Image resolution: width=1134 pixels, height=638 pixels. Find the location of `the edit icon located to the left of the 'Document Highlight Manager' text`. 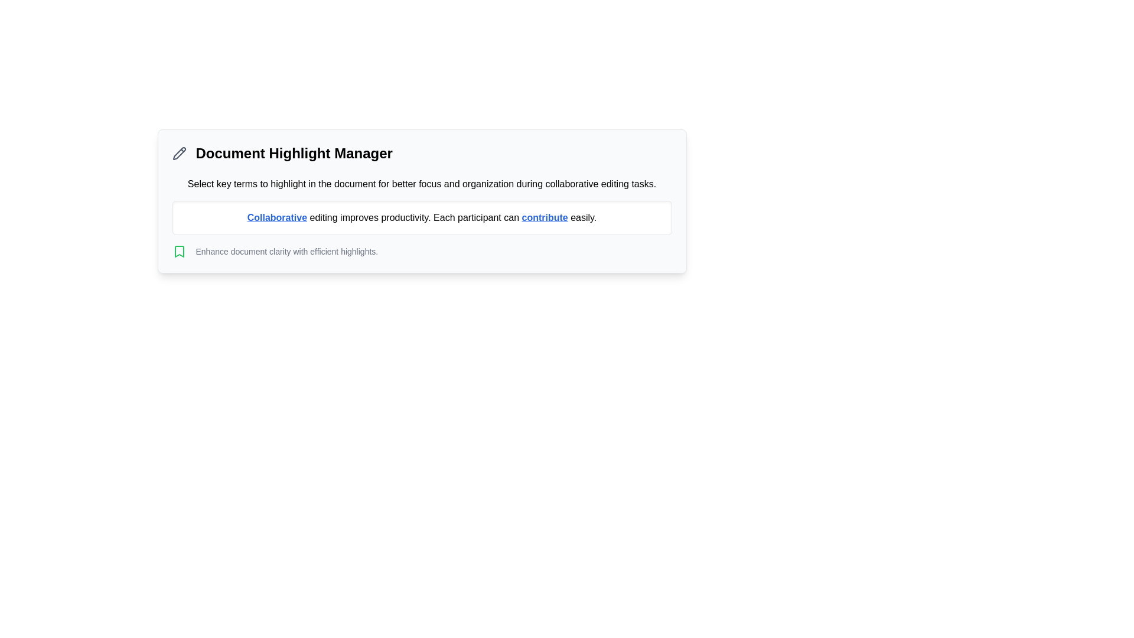

the edit icon located to the left of the 'Document Highlight Manager' text is located at coordinates (178, 152).